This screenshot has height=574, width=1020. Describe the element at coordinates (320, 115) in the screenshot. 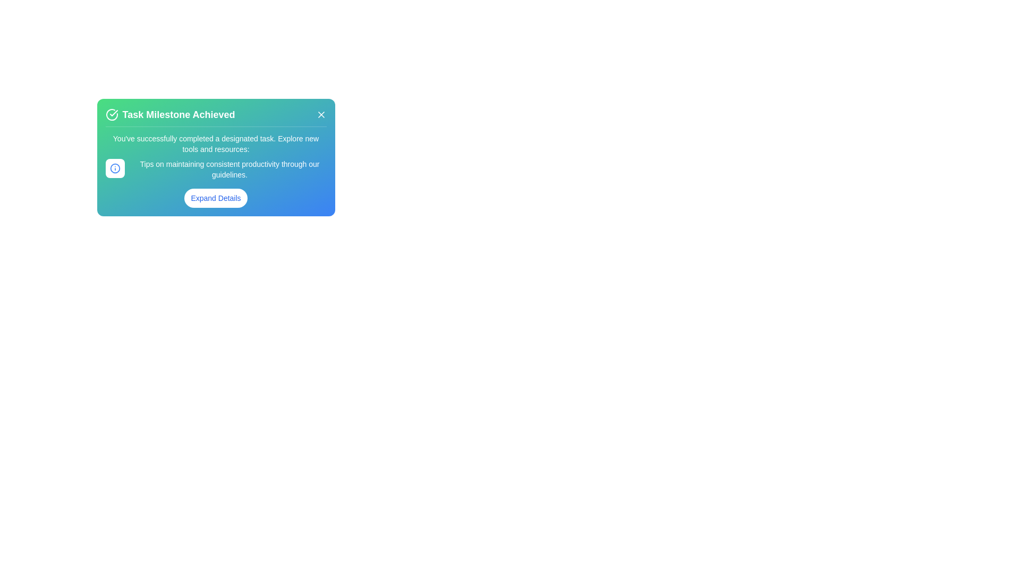

I see `the close button to hide the alert` at that location.